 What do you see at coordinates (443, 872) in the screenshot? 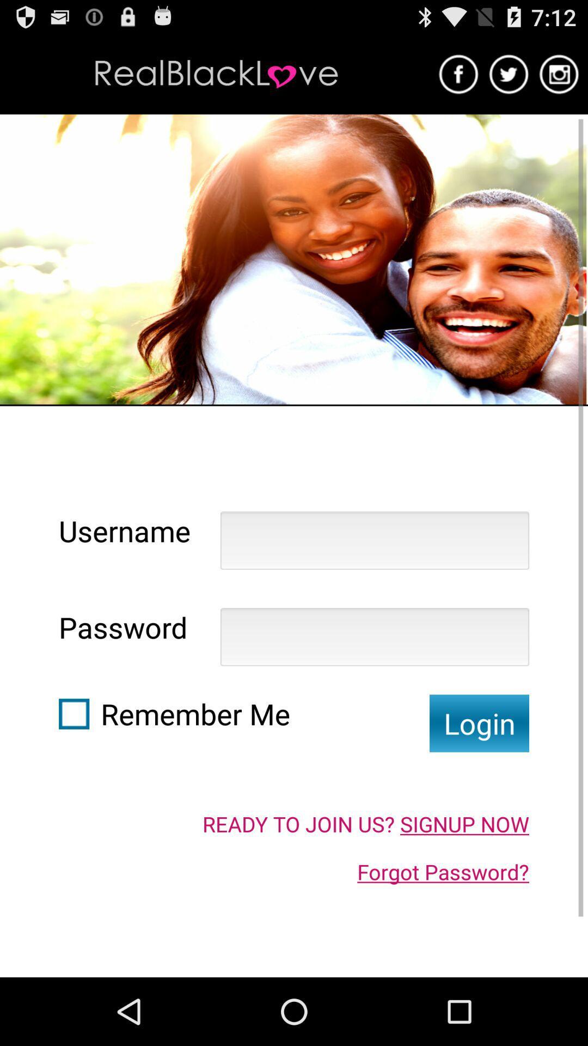
I see `the forgot password? app` at bounding box center [443, 872].